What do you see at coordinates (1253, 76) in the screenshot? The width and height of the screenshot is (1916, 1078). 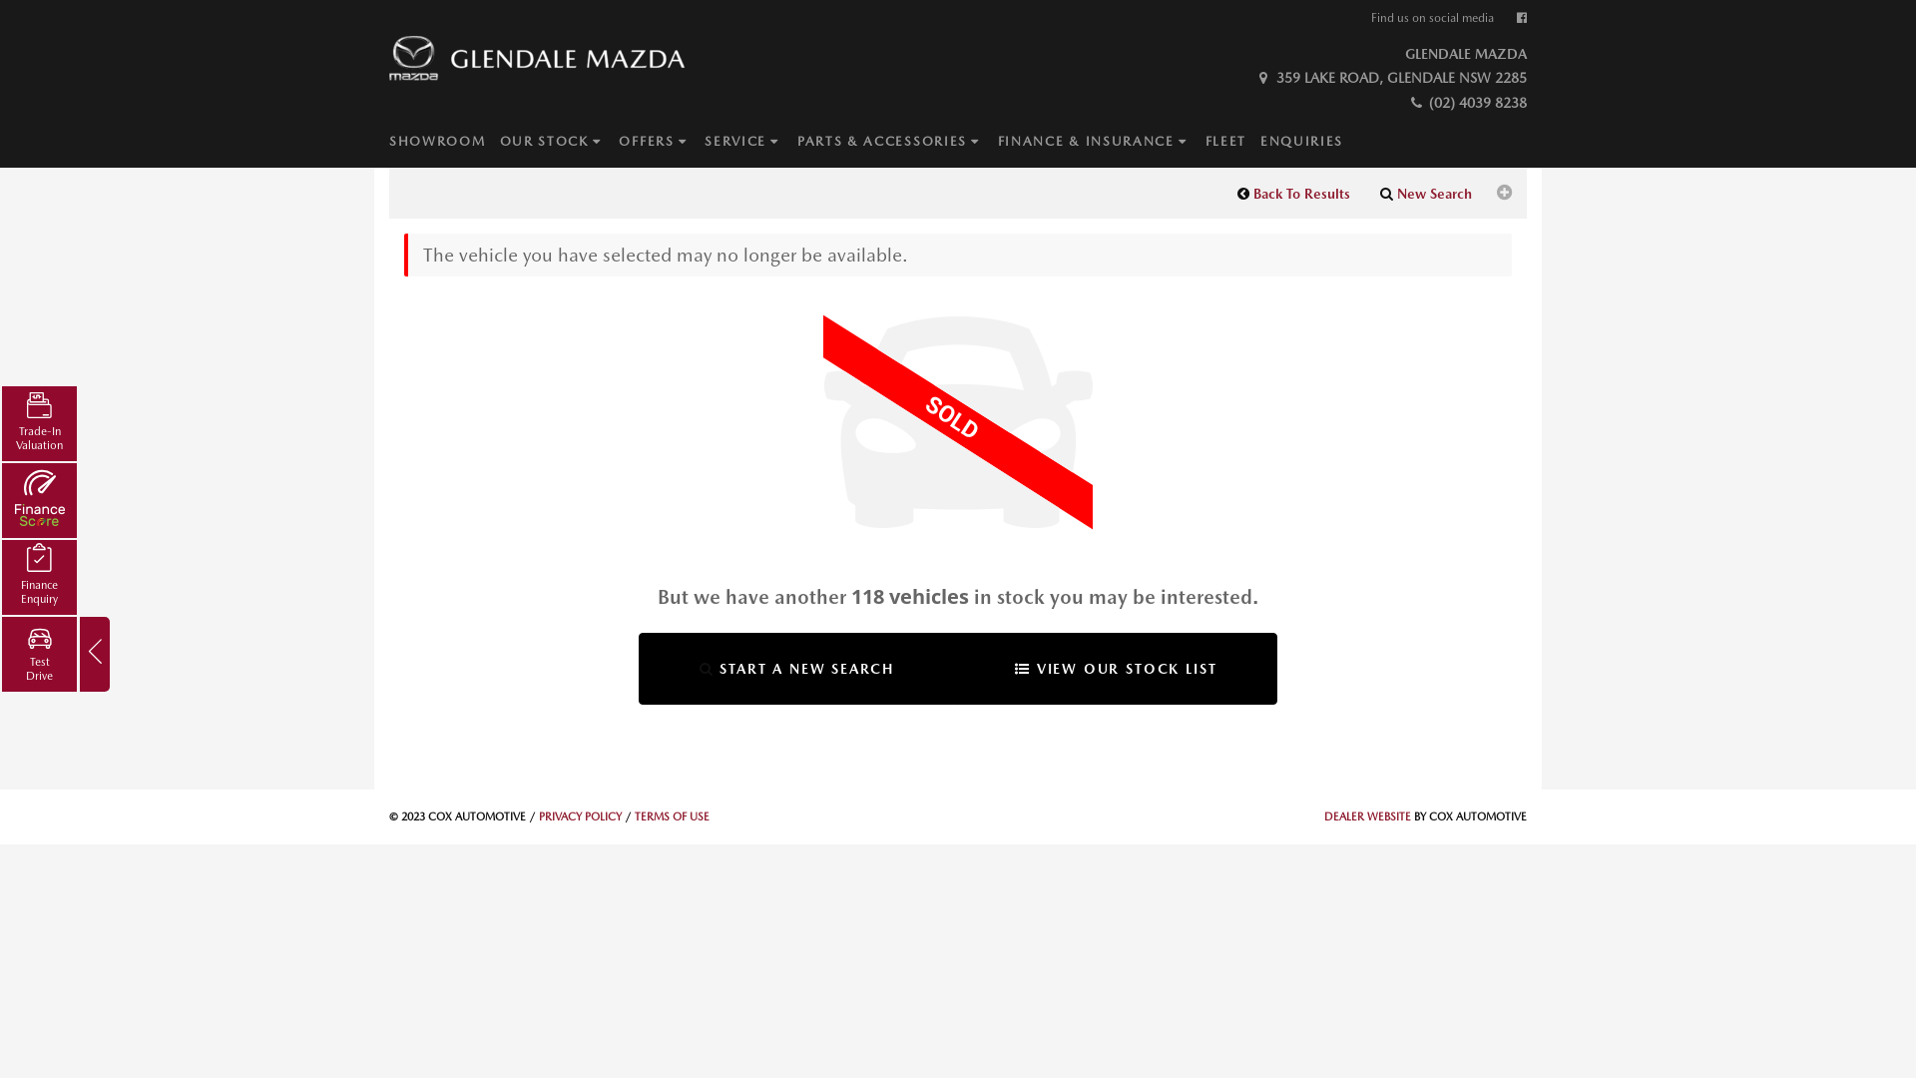 I see `'359 LAKE ROAD, GLENDALE NSW 2285'` at bounding box center [1253, 76].